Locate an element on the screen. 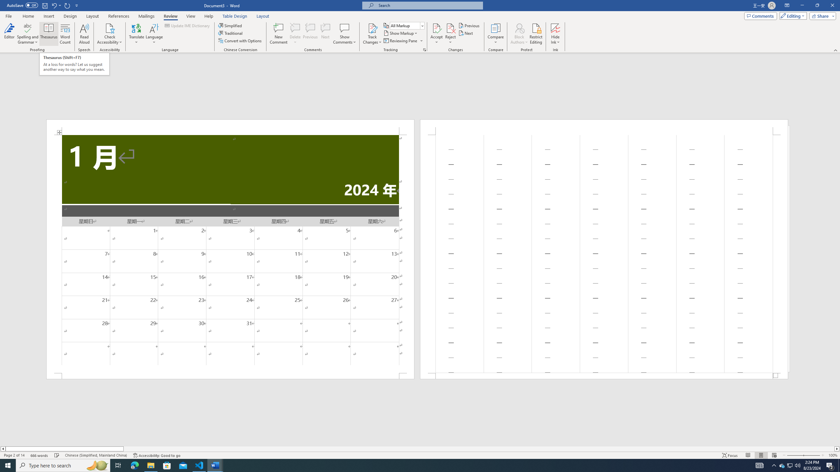 The image size is (840, 472). 'Check Accessibility' is located at coordinates (110, 34).